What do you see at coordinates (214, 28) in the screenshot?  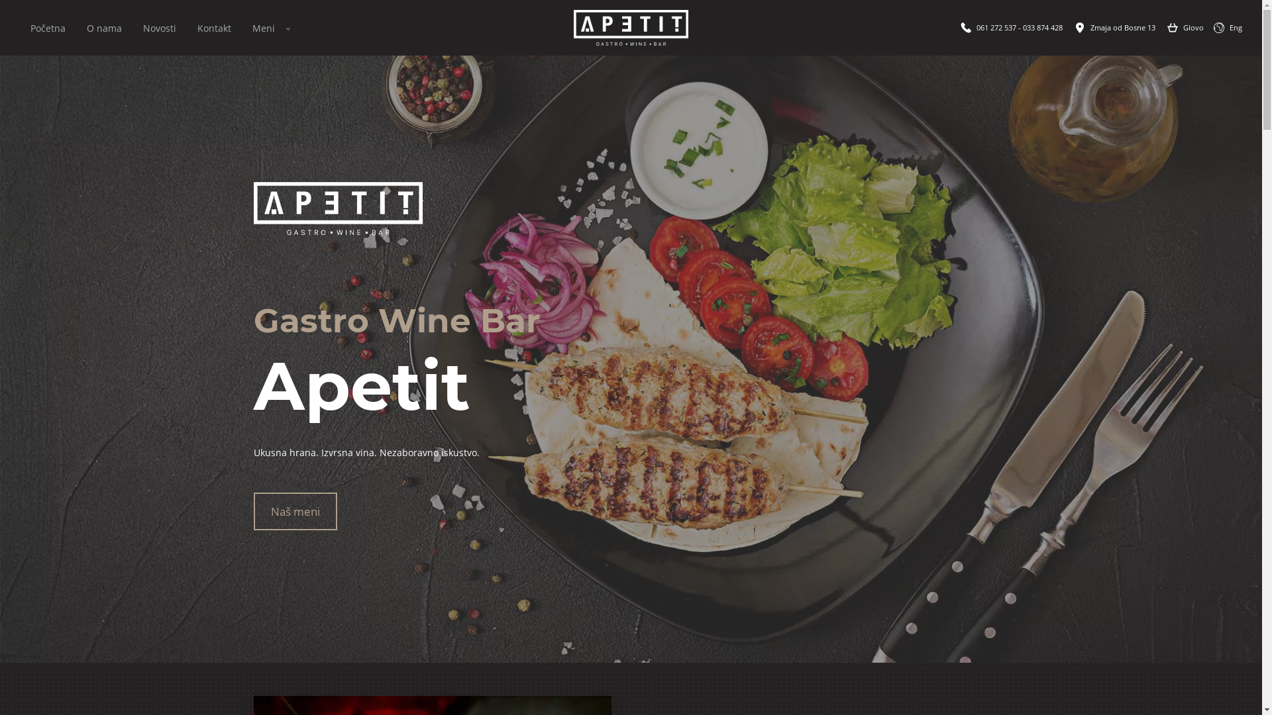 I see `'Kontakt'` at bounding box center [214, 28].